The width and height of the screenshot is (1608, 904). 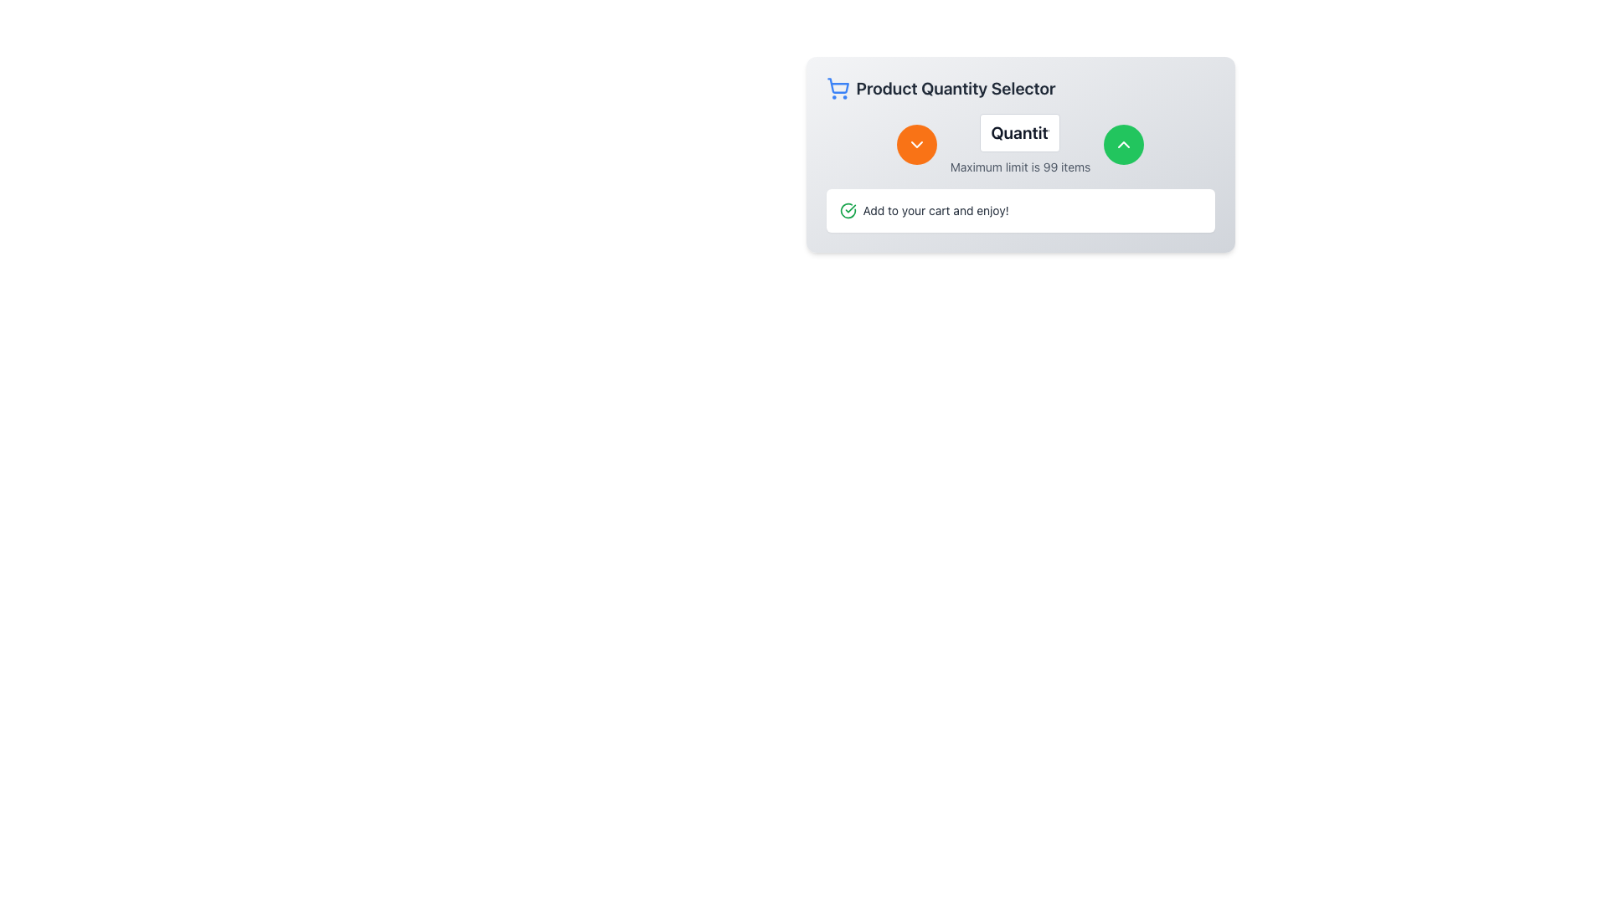 What do you see at coordinates (1019, 167) in the screenshot?
I see `displayed information from the static text label that says 'Maximum limit is 99 items', which is styled in a small gray font and positioned directly below the quantity input box` at bounding box center [1019, 167].